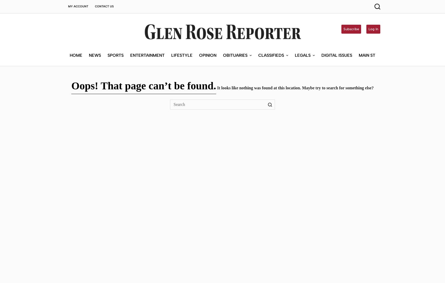 This screenshot has height=283, width=445. Describe the element at coordinates (240, 35) in the screenshot. I see `'Submit an Obituary'` at that location.